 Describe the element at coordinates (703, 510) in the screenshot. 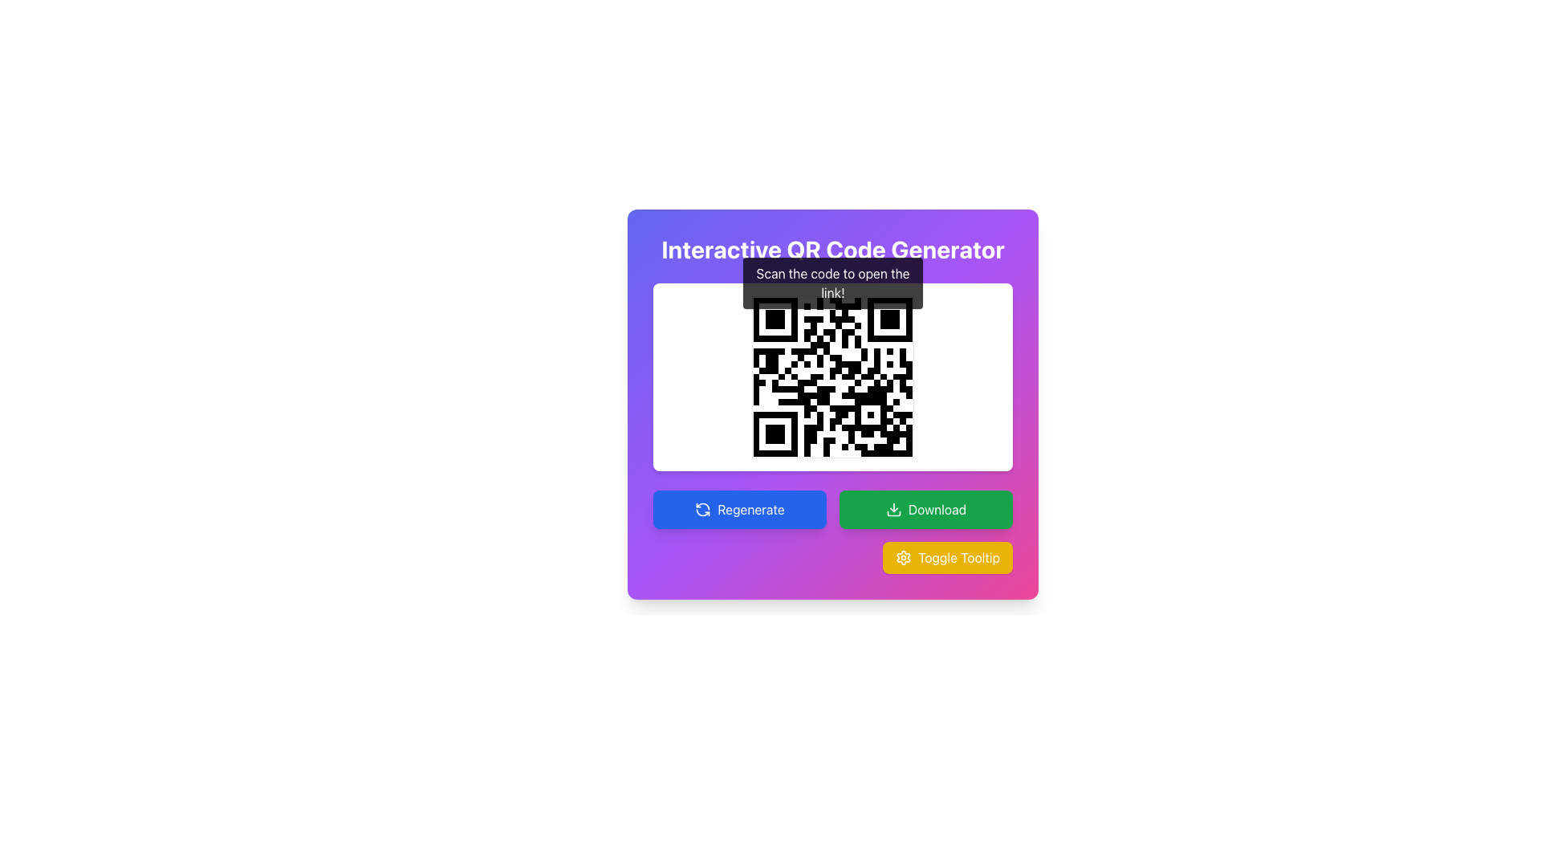

I see `the blue circular arrow-shaped icon labeled 'Regenerate', located in the bottom-left section of the card interface` at that location.